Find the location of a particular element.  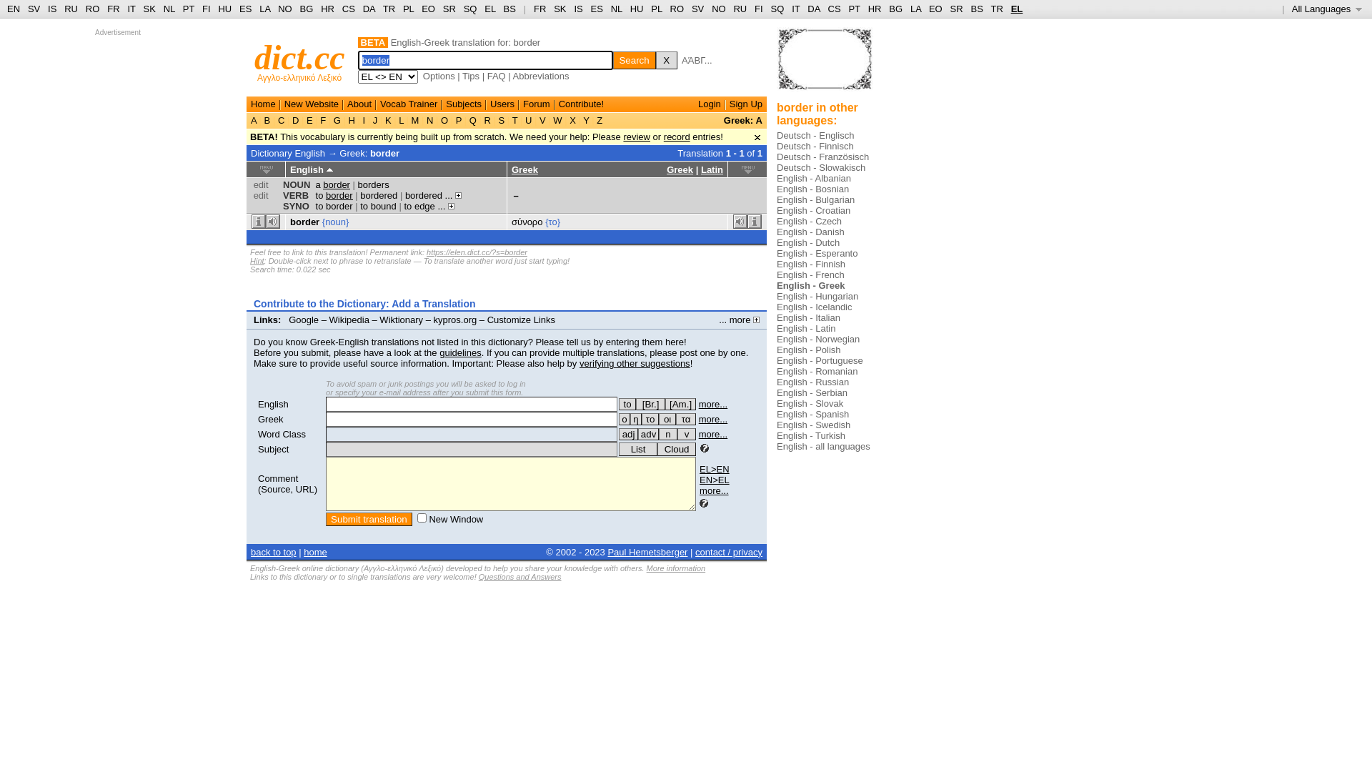

'contact / privacy' is located at coordinates (695, 551).